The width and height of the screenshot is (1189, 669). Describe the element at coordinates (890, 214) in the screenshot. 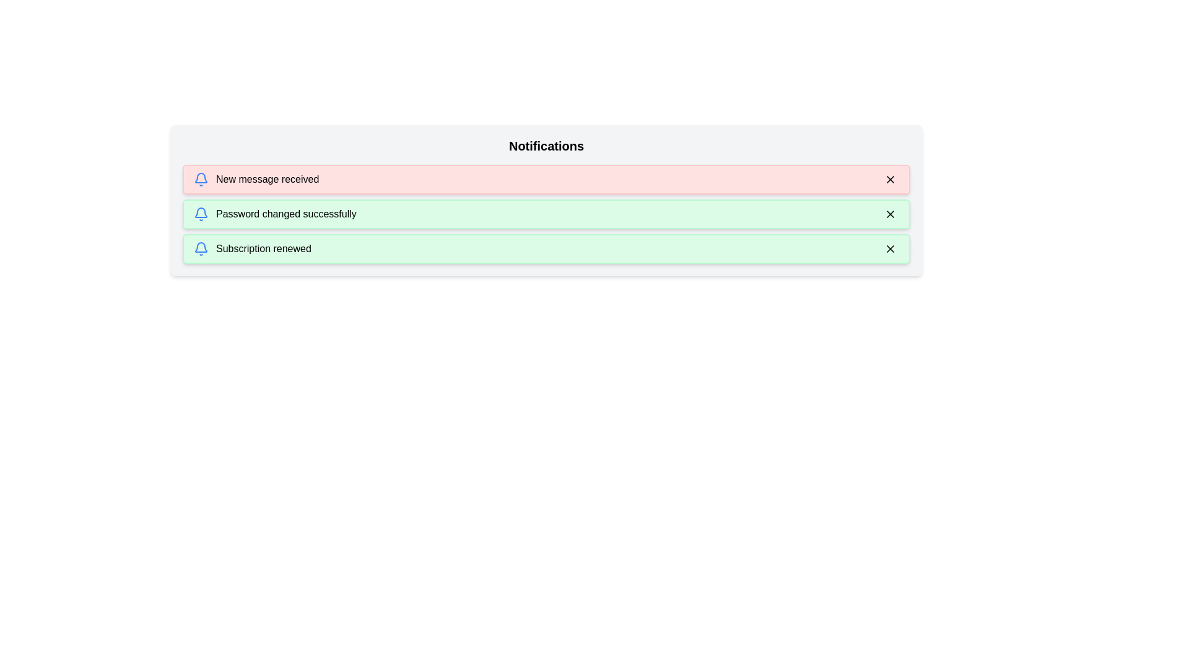

I see `the cross-shaped icon button (close button) in the second notification card` at that location.